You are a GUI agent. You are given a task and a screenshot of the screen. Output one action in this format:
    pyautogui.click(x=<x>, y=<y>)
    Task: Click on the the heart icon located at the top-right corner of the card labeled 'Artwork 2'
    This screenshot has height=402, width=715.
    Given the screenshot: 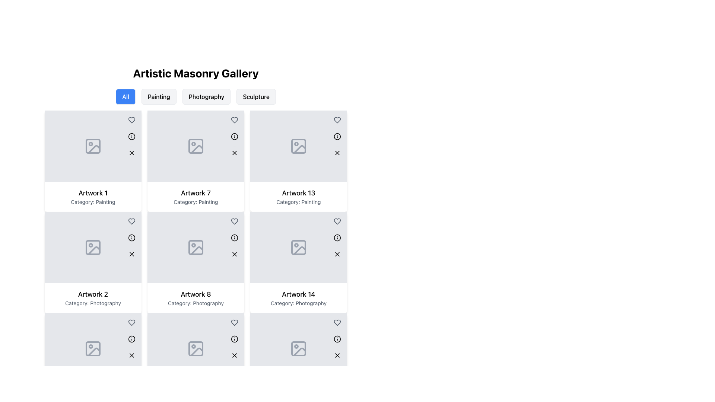 What is the action you would take?
    pyautogui.click(x=132, y=322)
    